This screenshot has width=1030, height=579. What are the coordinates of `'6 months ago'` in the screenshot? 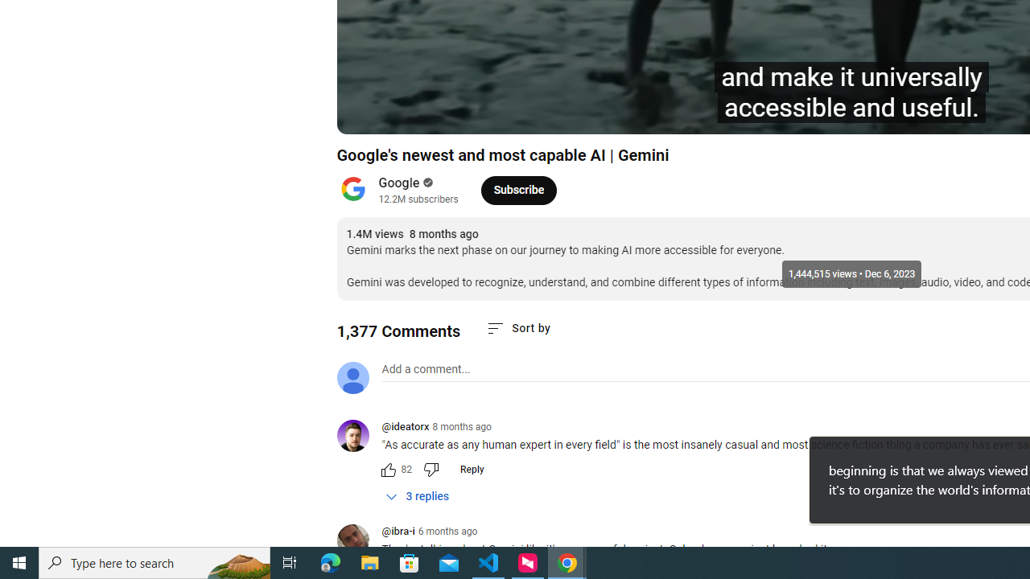 It's located at (447, 532).